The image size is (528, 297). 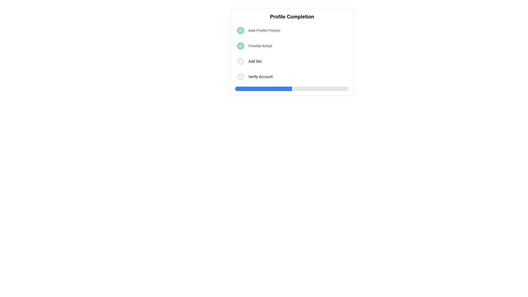 What do you see at coordinates (291, 16) in the screenshot?
I see `the 'Profile Completion' text label, which is prominently styled with bold and large font, serving as a header for the profile completion section` at bounding box center [291, 16].